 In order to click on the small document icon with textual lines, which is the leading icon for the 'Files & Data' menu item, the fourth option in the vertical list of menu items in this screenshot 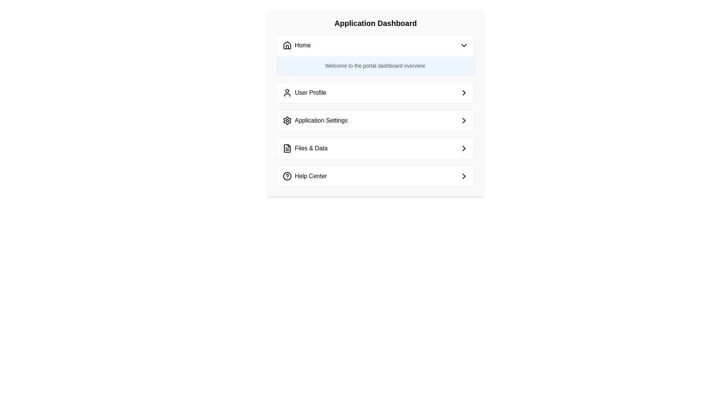, I will do `click(287, 148)`.